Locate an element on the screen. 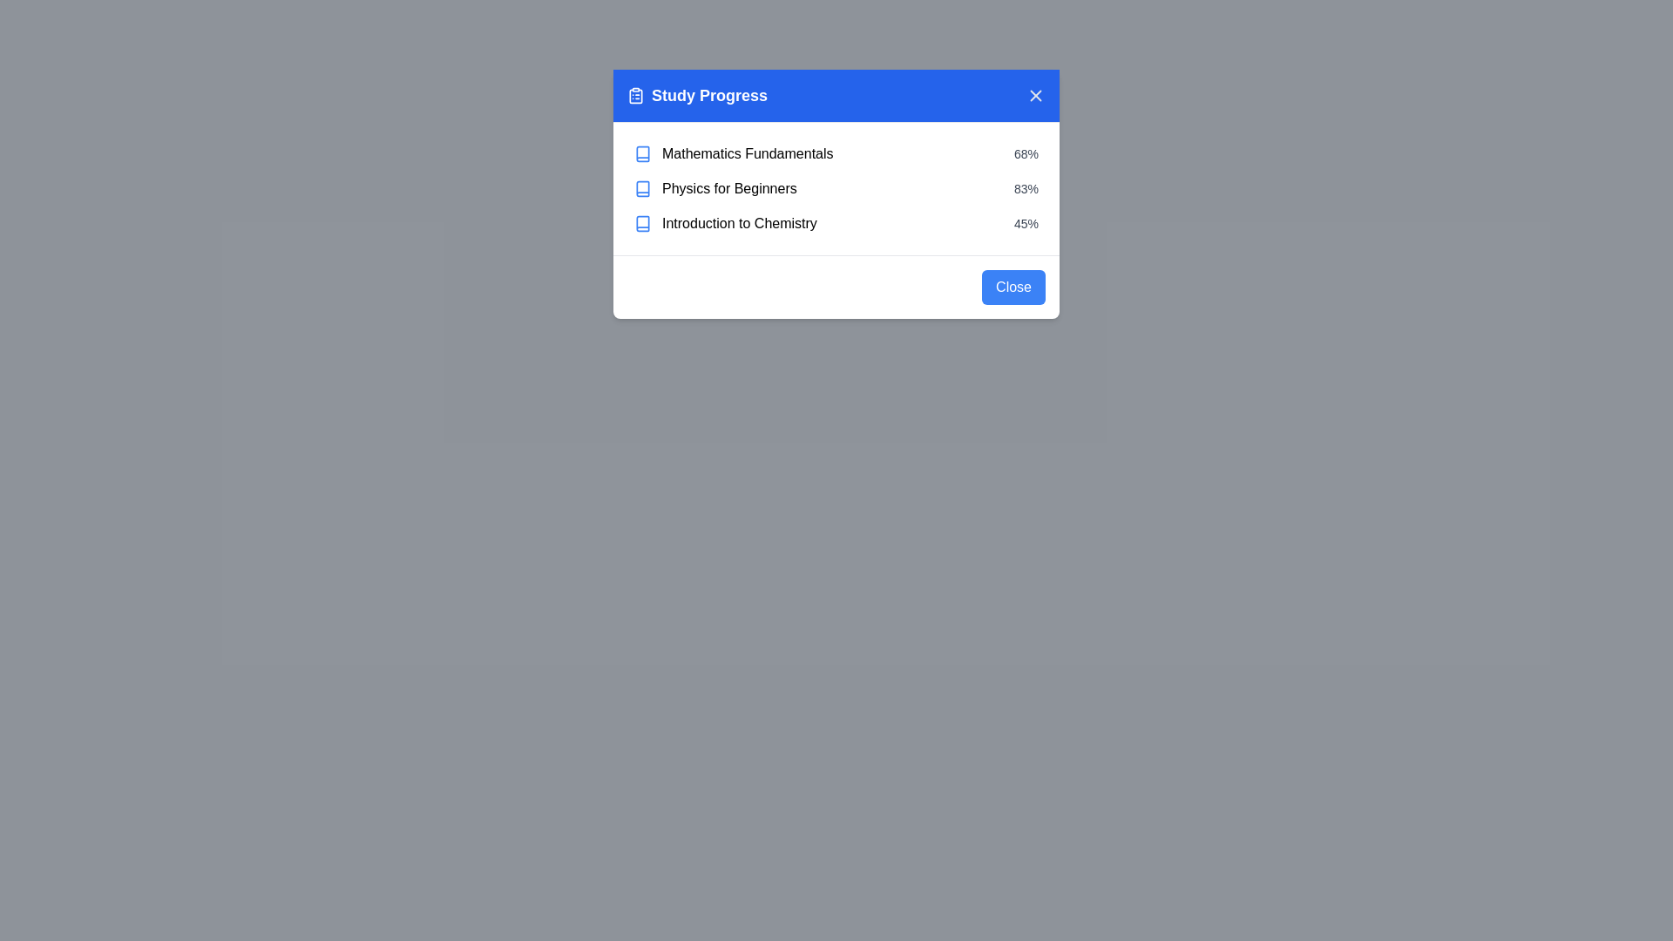 The image size is (1673, 941). the non-interactive label displaying the course title 'Mathematics Fundamentals' located at the top-left corner of the 'Study Progress' modal is located at coordinates (734, 153).